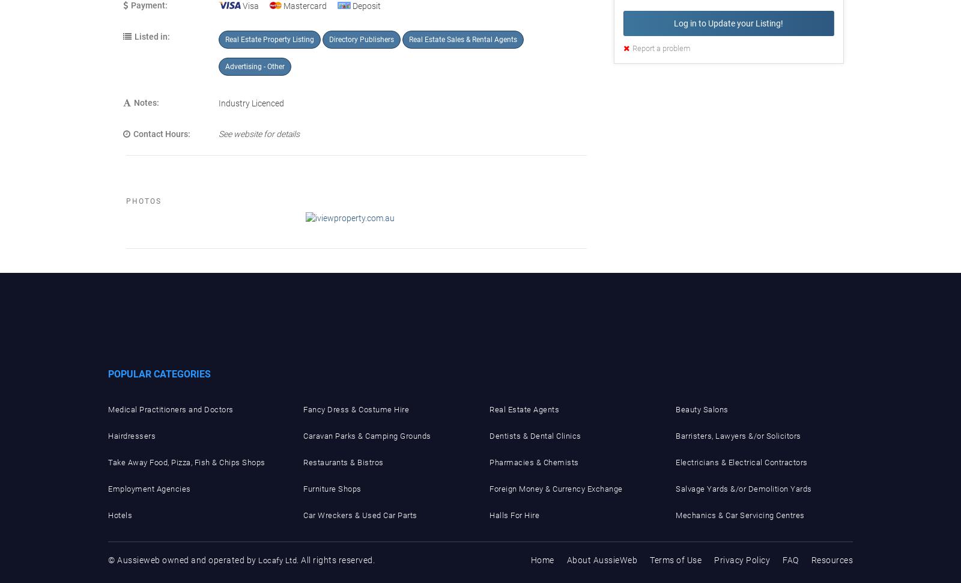  What do you see at coordinates (144, 201) in the screenshot?
I see `'PHOTOS'` at bounding box center [144, 201].